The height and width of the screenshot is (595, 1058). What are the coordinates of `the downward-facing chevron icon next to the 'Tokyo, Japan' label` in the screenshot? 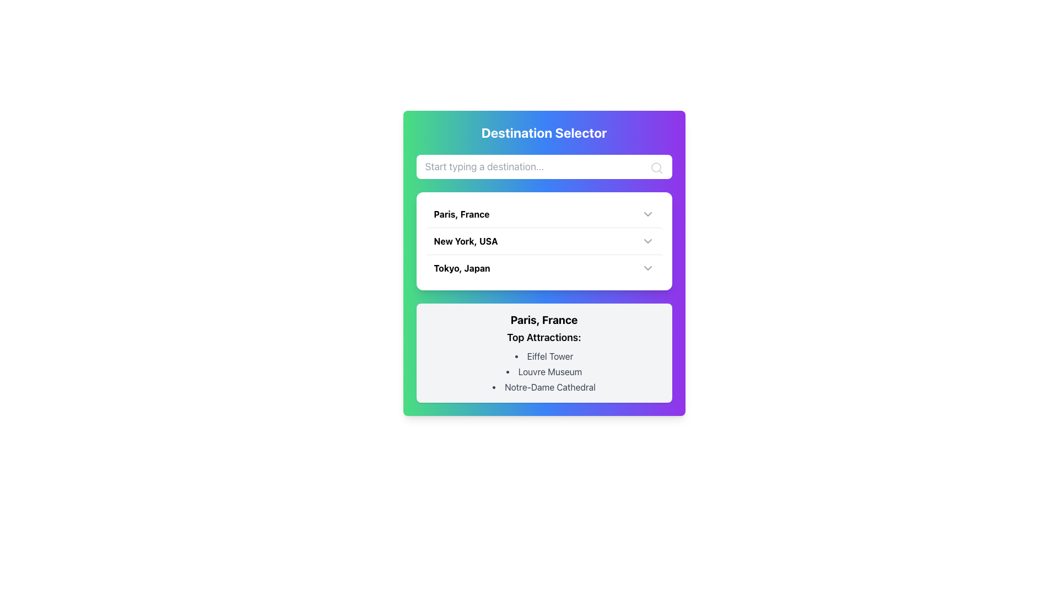 It's located at (647, 268).